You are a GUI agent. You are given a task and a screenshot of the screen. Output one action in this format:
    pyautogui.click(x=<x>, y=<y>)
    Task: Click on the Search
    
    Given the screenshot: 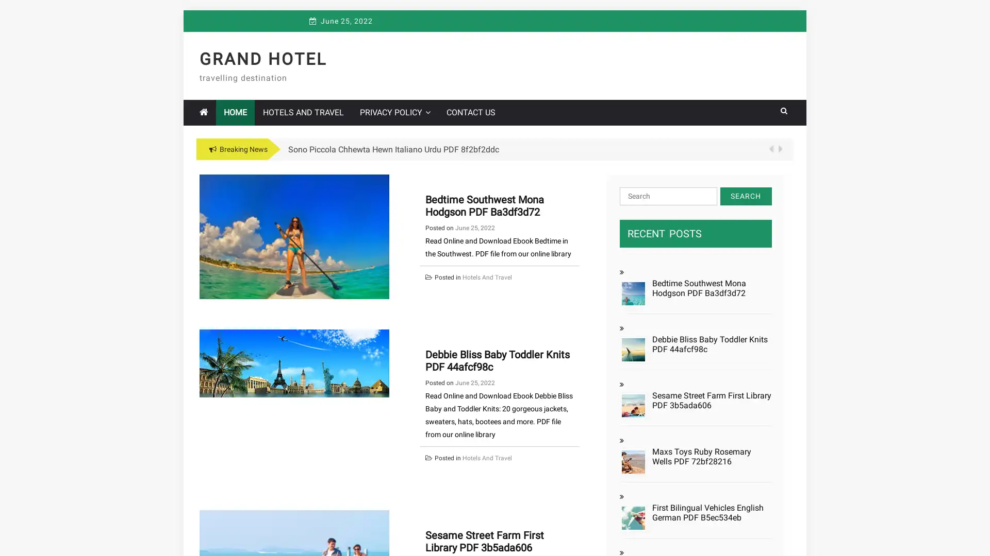 What is the action you would take?
    pyautogui.click(x=745, y=196)
    